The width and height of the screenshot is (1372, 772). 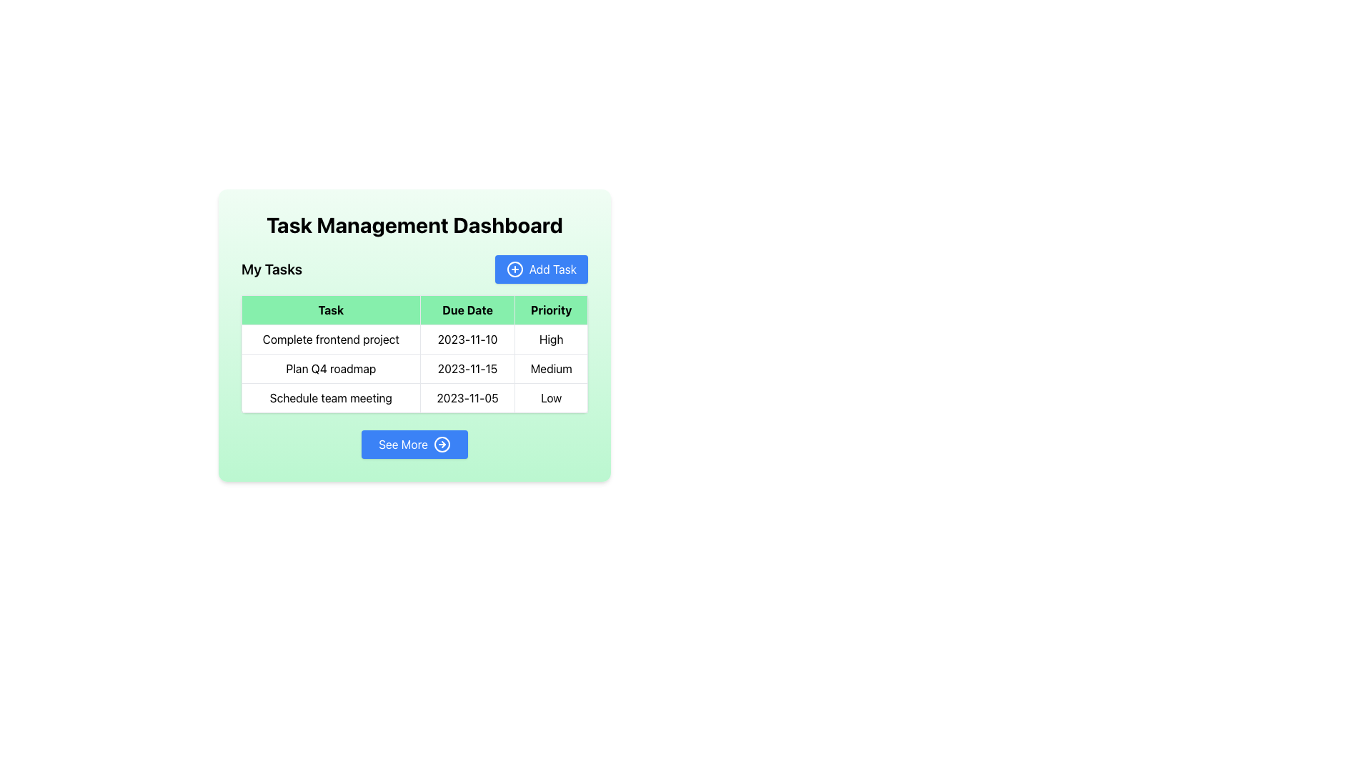 I want to click on text displayed in the 'Medium' label located in the 'Priority' column of the table, which is in the third column of the second row, aligned with 'Plan Q4 roadmap', so click(x=550, y=368).